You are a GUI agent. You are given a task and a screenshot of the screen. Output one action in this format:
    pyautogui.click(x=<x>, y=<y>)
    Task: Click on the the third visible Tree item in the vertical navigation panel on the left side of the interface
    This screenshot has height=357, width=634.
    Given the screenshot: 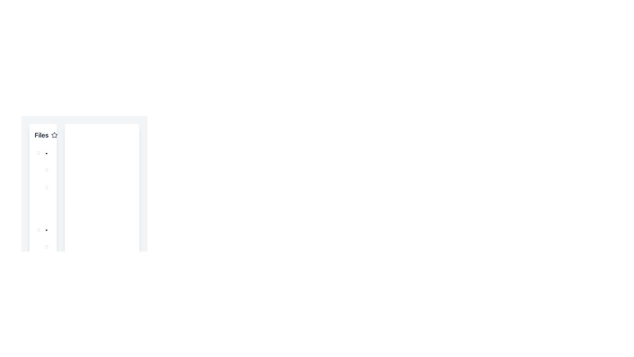 What is the action you would take?
    pyautogui.click(x=71, y=195)
    